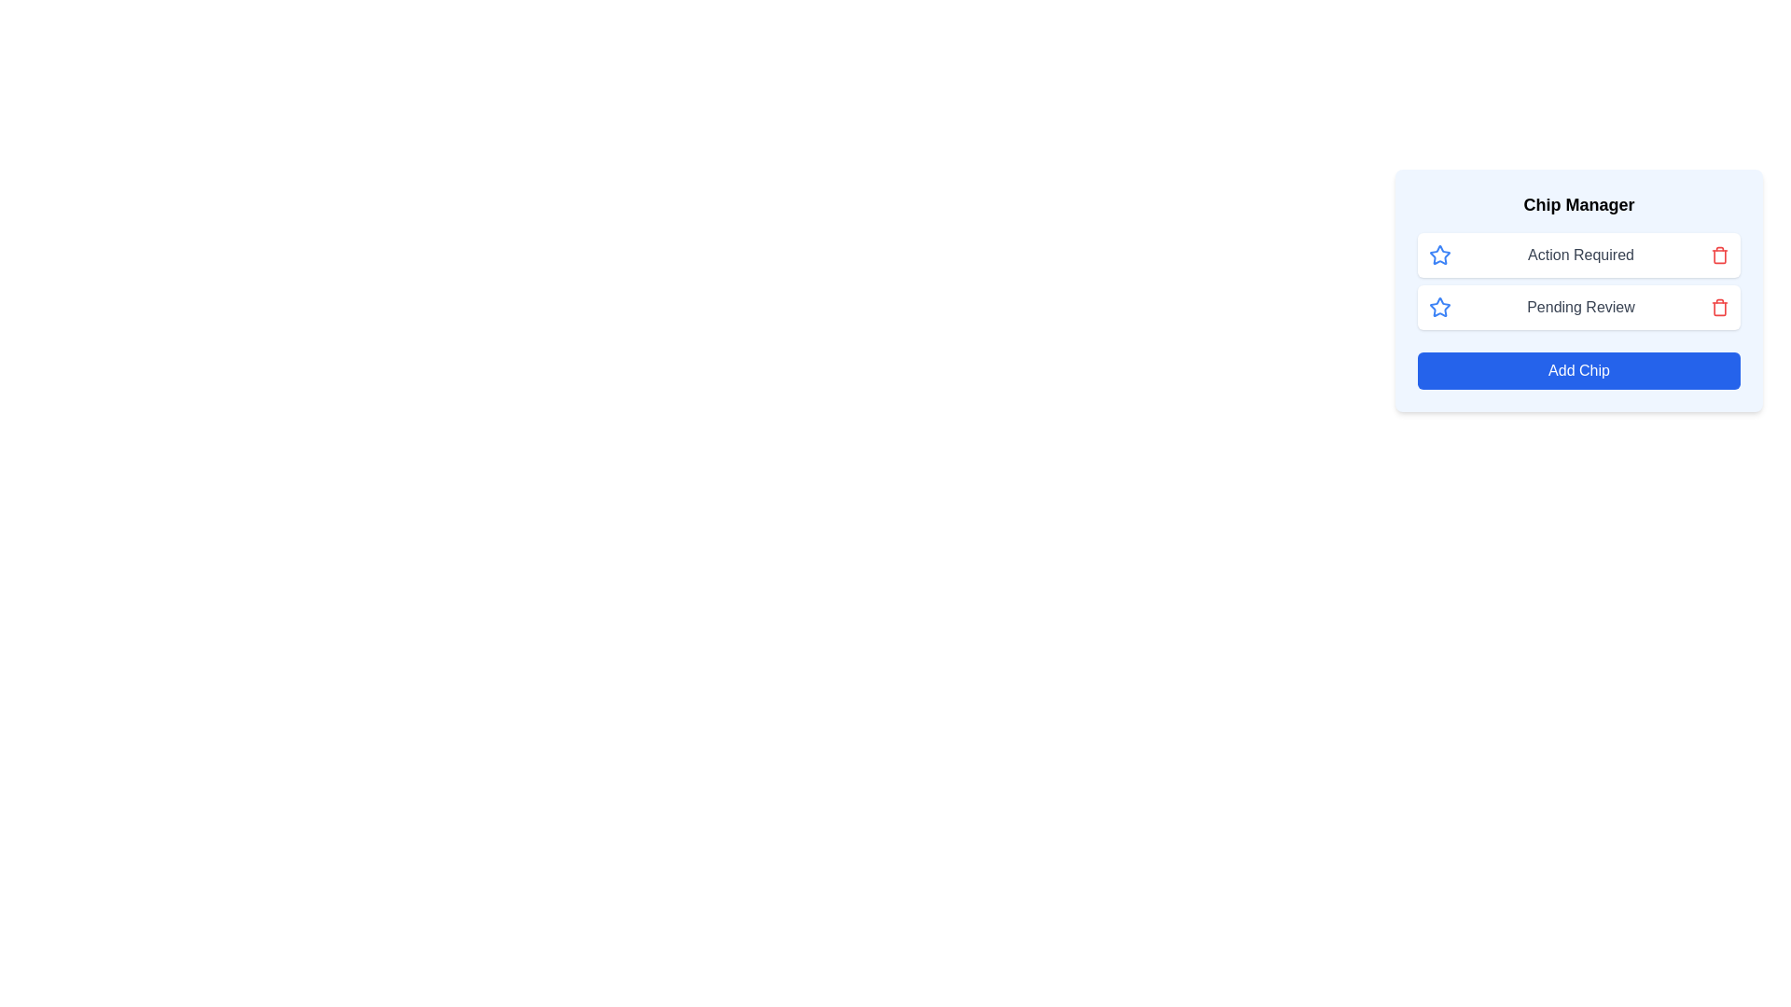  I want to click on the trash icon next to the chip labeled 'Action Required' to remove it, so click(1718, 255).